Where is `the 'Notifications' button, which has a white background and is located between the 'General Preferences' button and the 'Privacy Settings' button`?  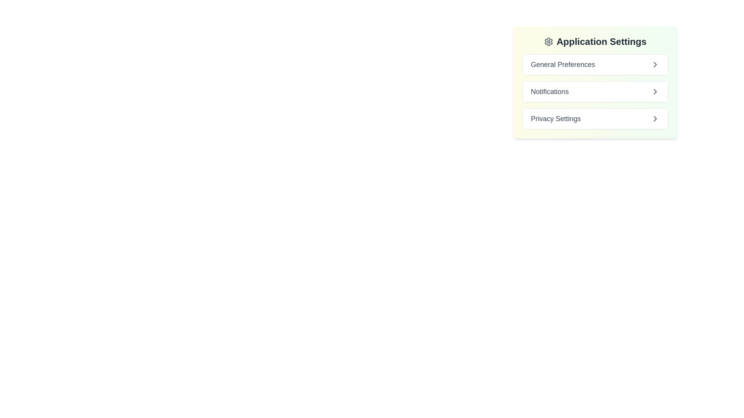 the 'Notifications' button, which has a white background and is located between the 'General Preferences' button and the 'Privacy Settings' button is located at coordinates (595, 91).